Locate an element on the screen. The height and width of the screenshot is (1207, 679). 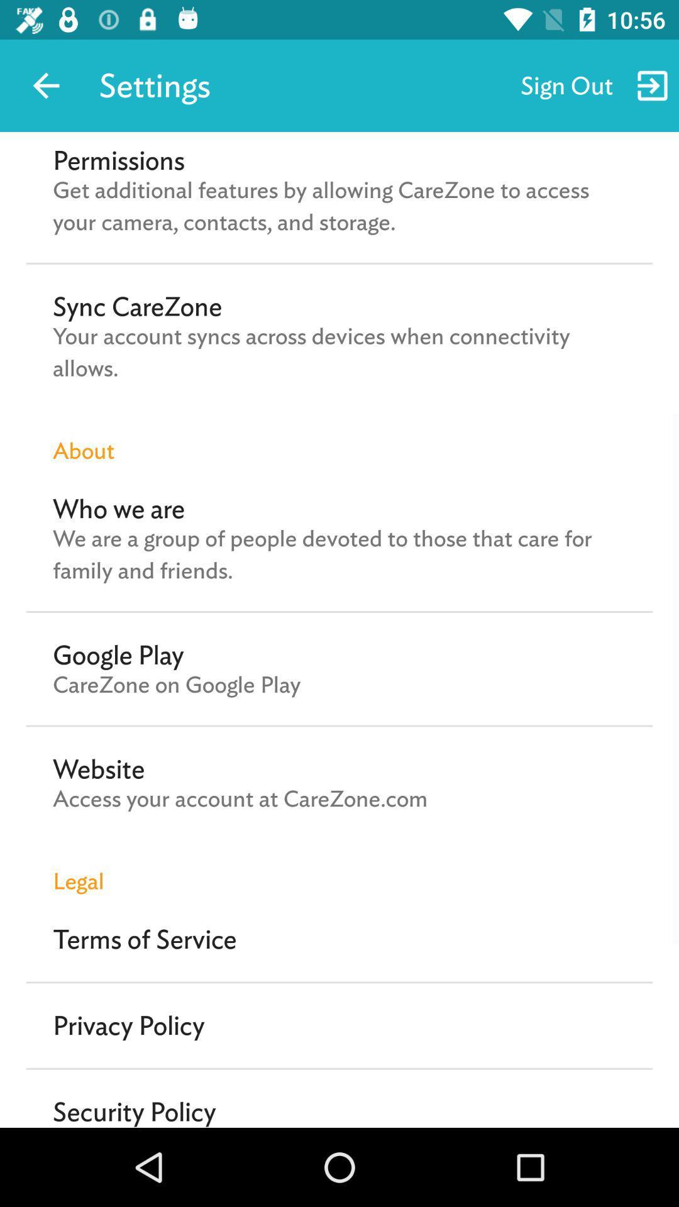
the icon to the left of the settings item is located at coordinates (45, 85).